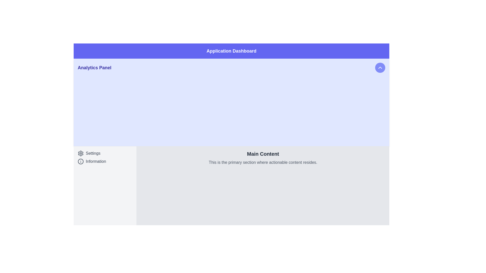 Image resolution: width=486 pixels, height=273 pixels. Describe the element at coordinates (105, 157) in the screenshot. I see `the 'Information' item in the vertical navigation menu located in the left column under the 'Analytics Panel'` at that location.